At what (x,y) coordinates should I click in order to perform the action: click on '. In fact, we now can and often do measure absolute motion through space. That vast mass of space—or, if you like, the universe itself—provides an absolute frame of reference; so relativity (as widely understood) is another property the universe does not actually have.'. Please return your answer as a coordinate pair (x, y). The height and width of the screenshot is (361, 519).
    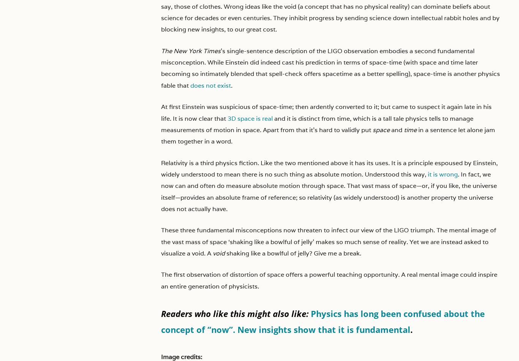
    Looking at the image, I should click on (329, 191).